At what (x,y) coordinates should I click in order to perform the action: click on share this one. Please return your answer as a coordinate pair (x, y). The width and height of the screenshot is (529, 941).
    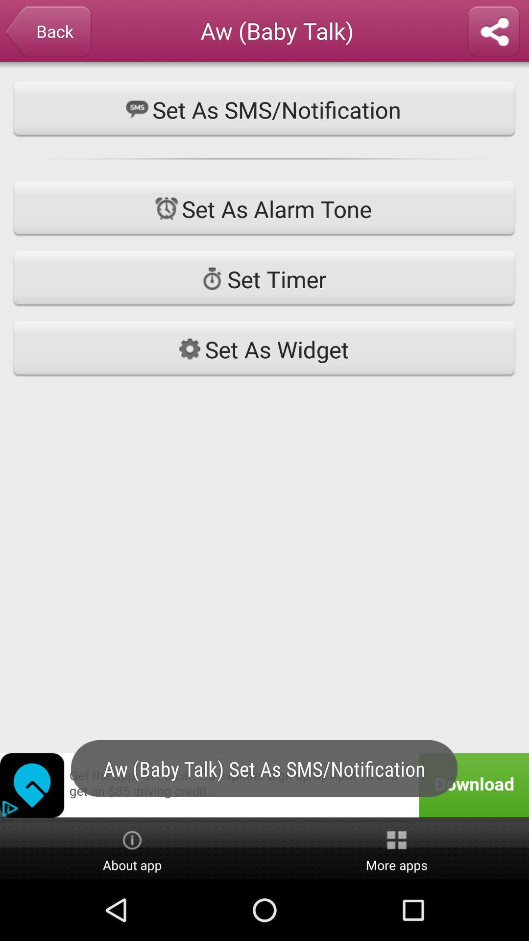
    Looking at the image, I should click on (493, 32).